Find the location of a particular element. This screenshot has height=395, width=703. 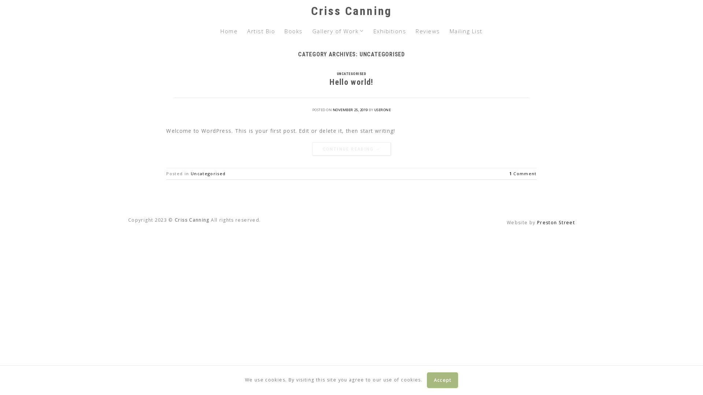

'Gallery of Work' is located at coordinates (338, 30).